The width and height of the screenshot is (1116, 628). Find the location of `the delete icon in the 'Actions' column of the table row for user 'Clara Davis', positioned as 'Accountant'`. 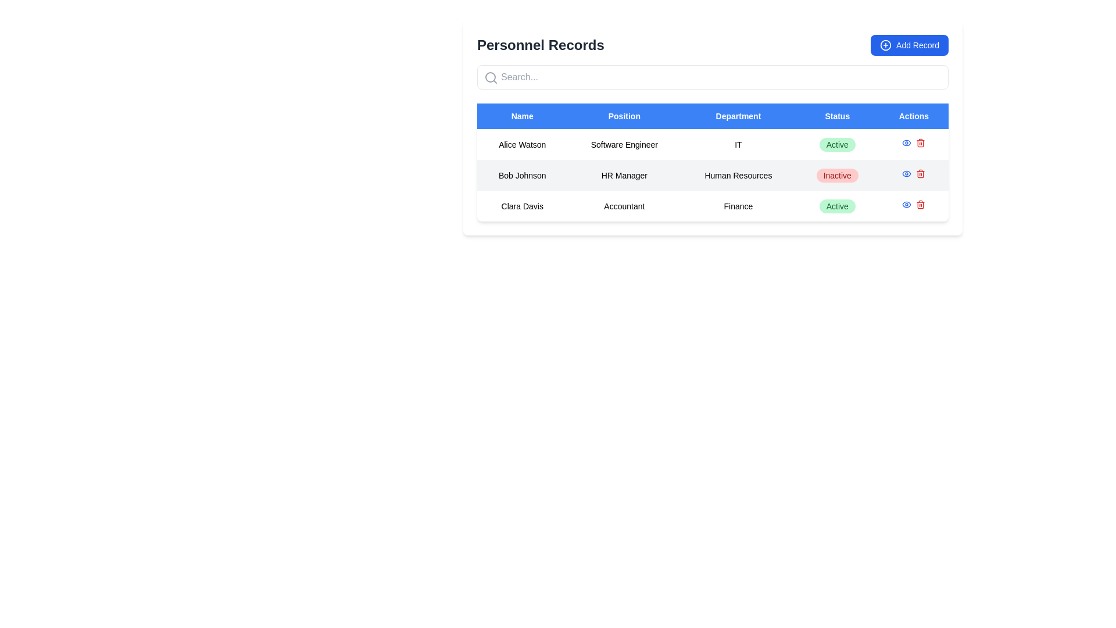

the delete icon in the 'Actions' column of the table row for user 'Clara Davis', positioned as 'Accountant' is located at coordinates (920, 204).